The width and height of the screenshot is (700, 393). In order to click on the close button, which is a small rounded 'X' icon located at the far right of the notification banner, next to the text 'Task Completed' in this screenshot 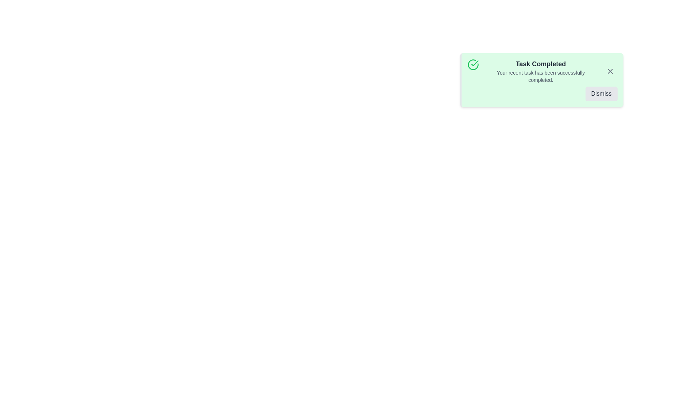, I will do `click(610, 71)`.